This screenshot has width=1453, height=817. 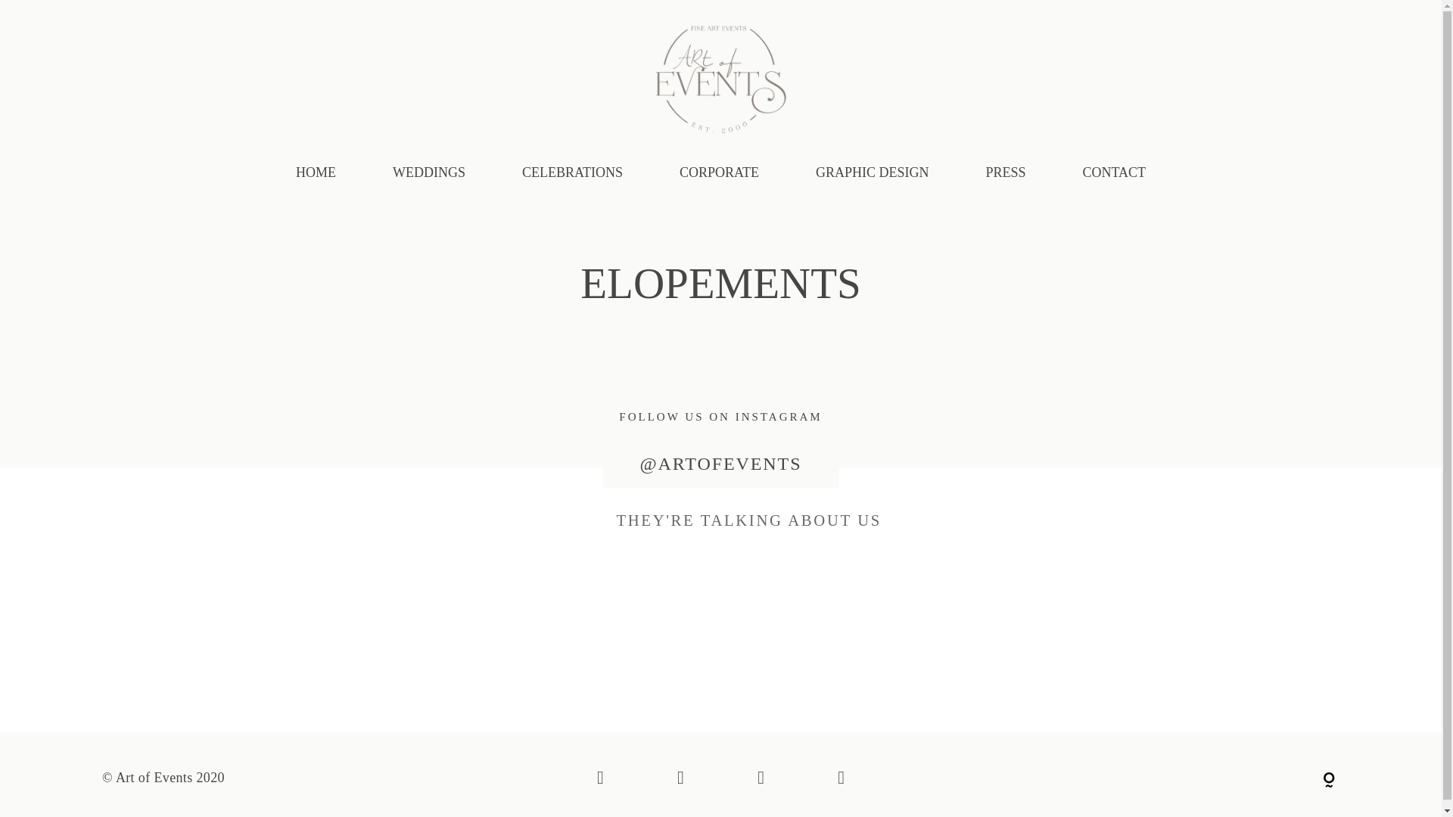 What do you see at coordinates (1115, 172) in the screenshot?
I see `'CONTACT'` at bounding box center [1115, 172].